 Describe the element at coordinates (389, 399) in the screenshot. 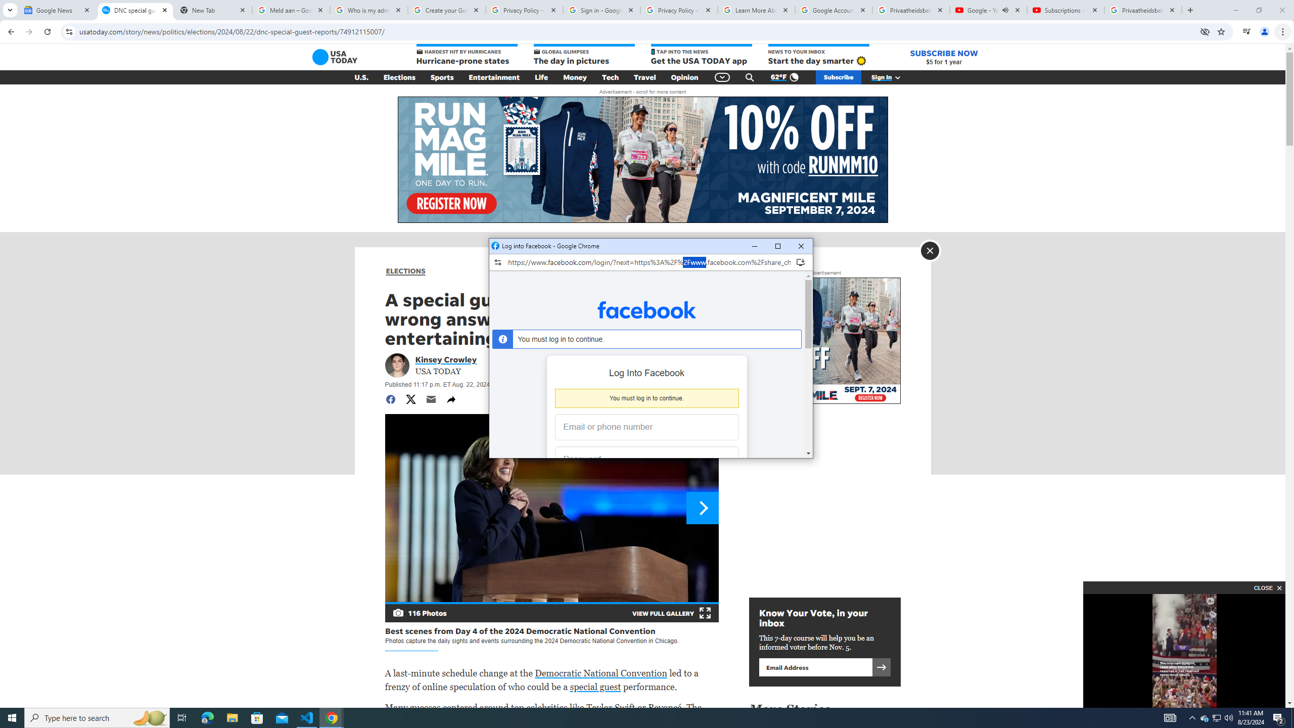

I see `'Share to Facebook'` at that location.